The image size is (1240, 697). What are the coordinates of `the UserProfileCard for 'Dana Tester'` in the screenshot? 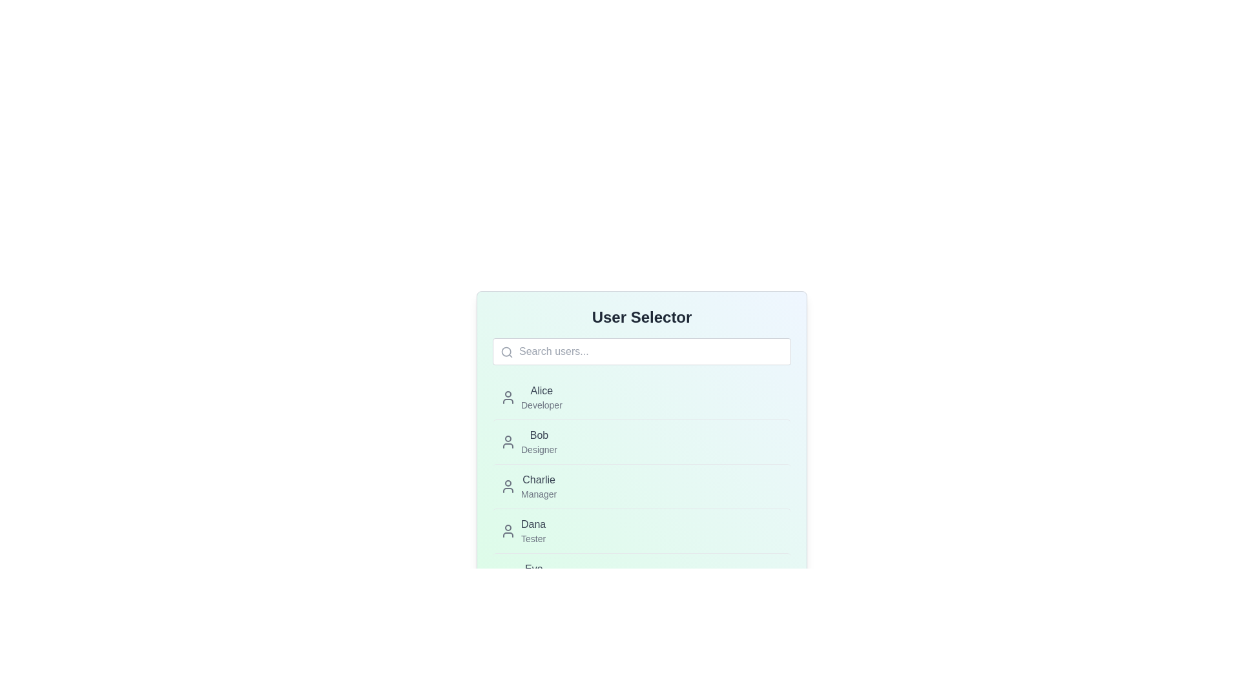 It's located at (523, 530).